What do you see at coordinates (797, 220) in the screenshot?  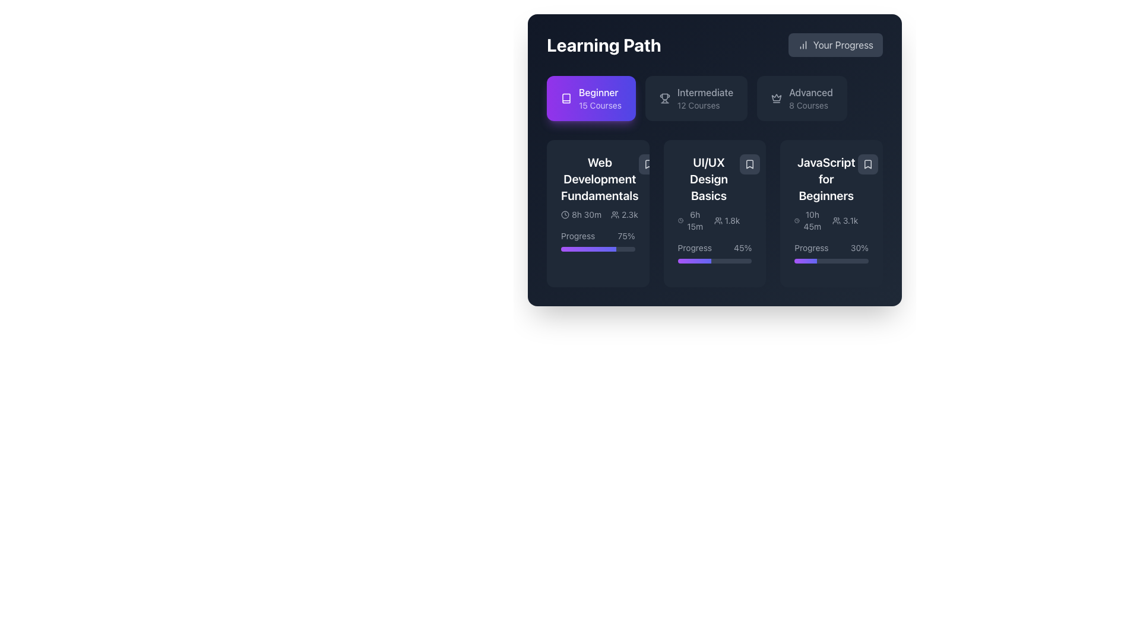 I see `the clock icon representing time-related information, located to the left of the text '10h 45m' within the 'JavaScript for Beginners' card` at bounding box center [797, 220].